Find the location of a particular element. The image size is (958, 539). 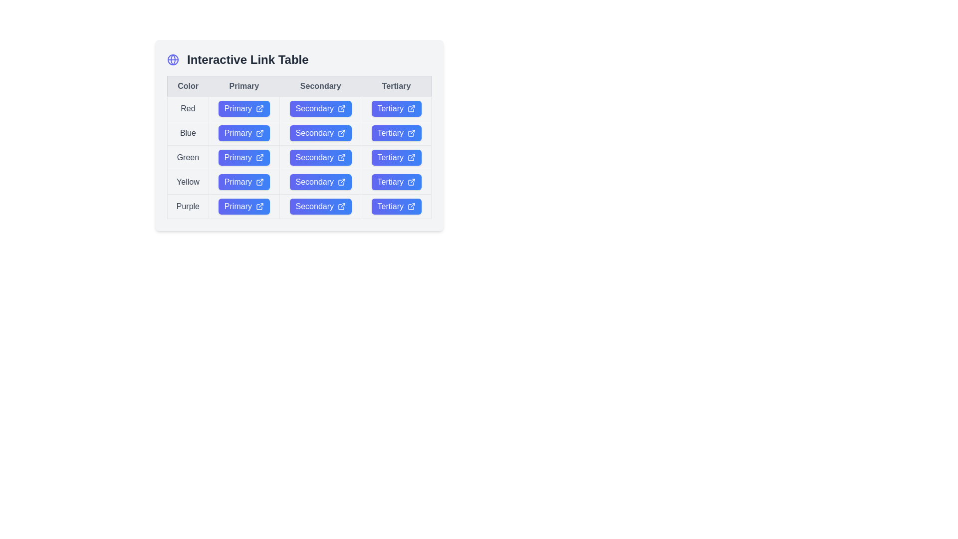

the 'Tertiary' text label, which is the rightmost element in the header row of the table, representing the tertiary information category is located at coordinates (396, 86).